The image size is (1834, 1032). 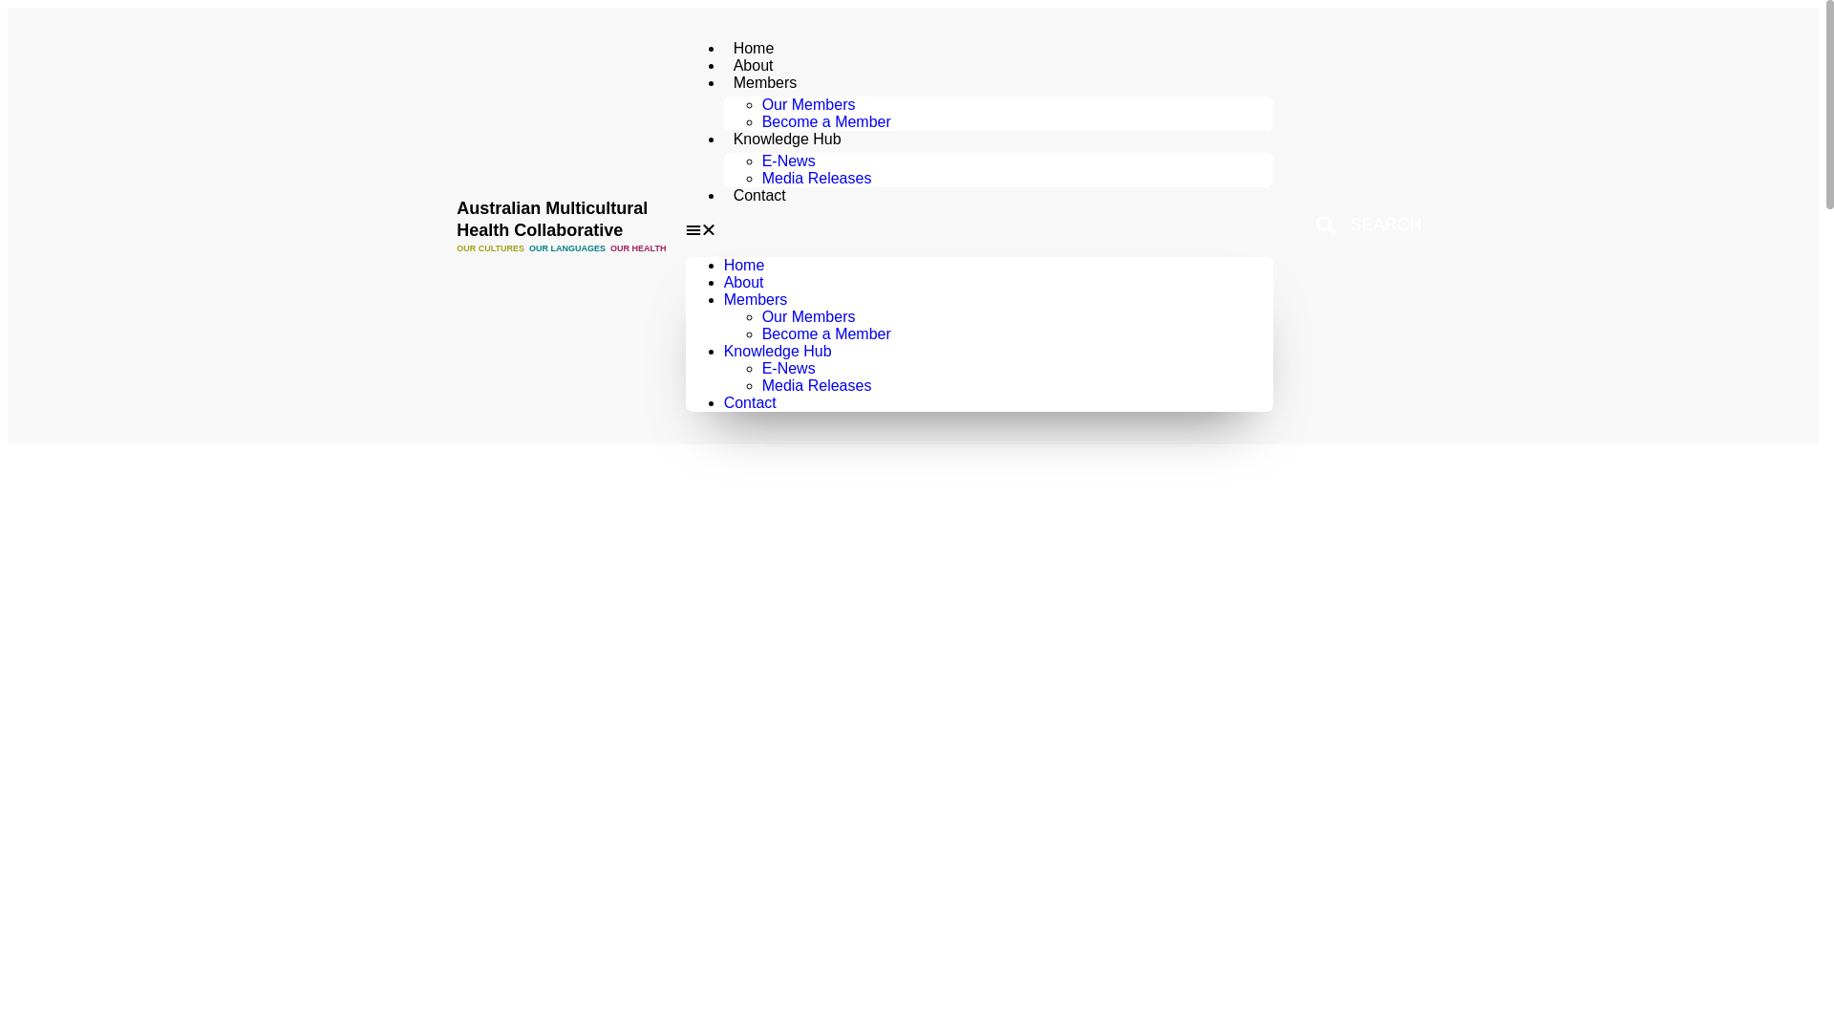 I want to click on 'Home', so click(x=743, y=265).